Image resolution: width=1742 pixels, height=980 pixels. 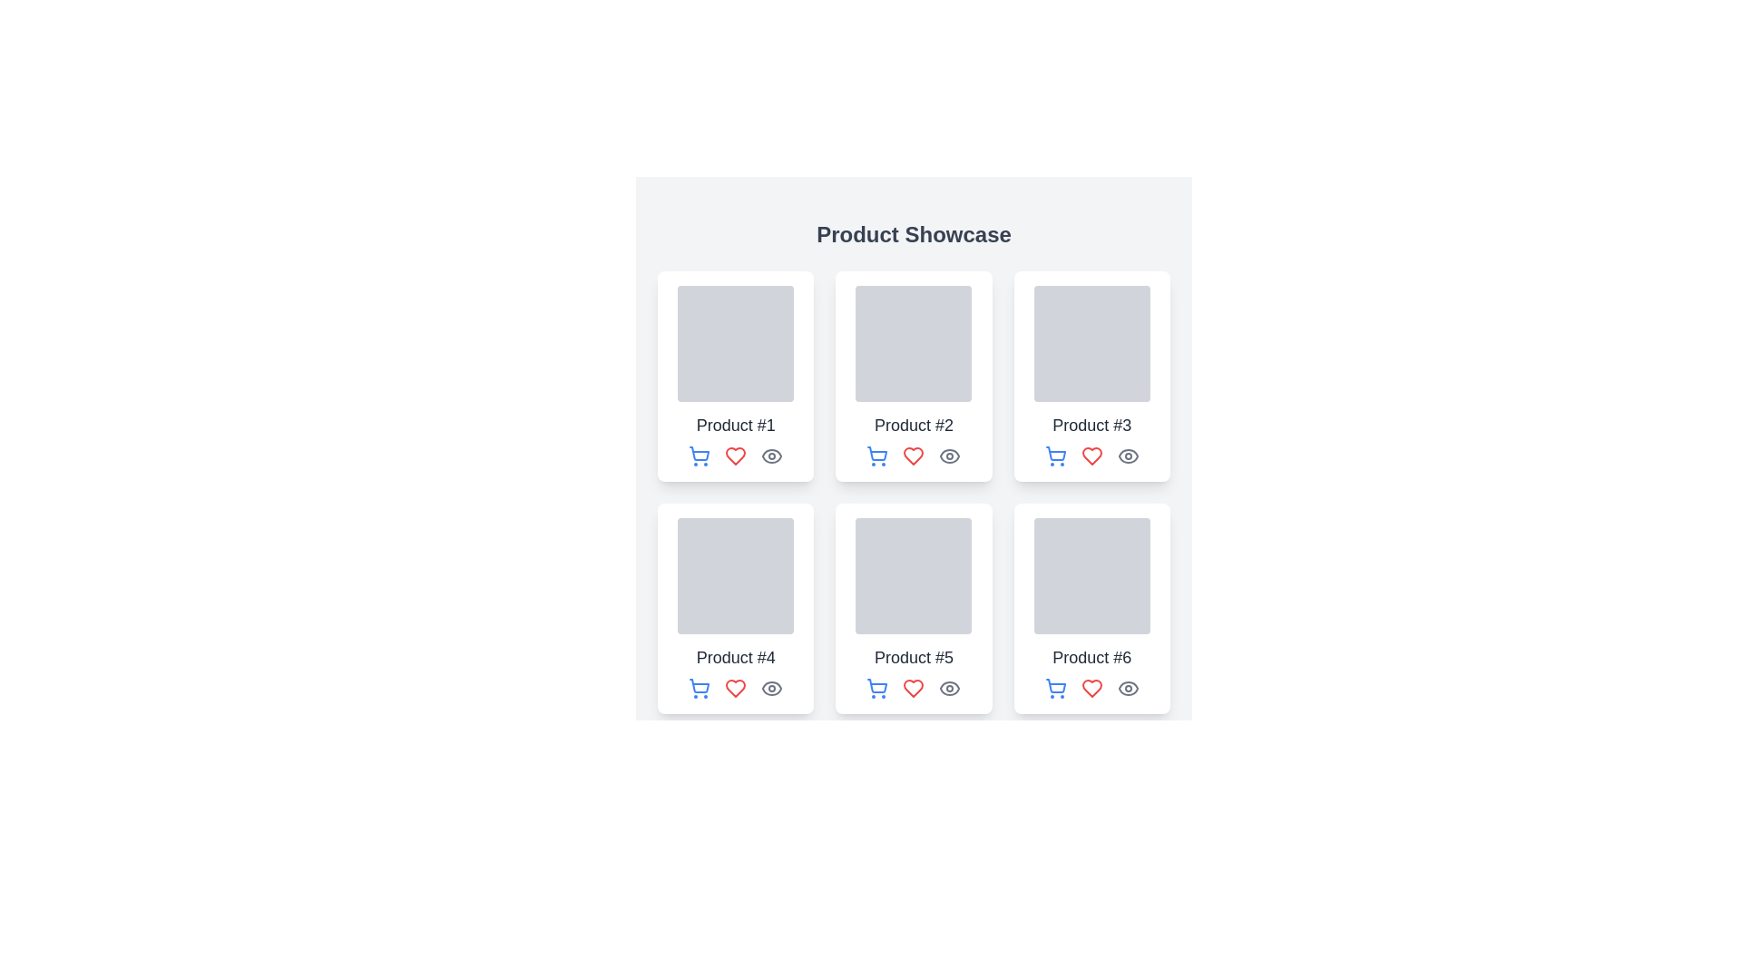 What do you see at coordinates (1091, 455) in the screenshot?
I see `the red heart icon button, which is the second icon in the horizontal set under 'Product #3'` at bounding box center [1091, 455].